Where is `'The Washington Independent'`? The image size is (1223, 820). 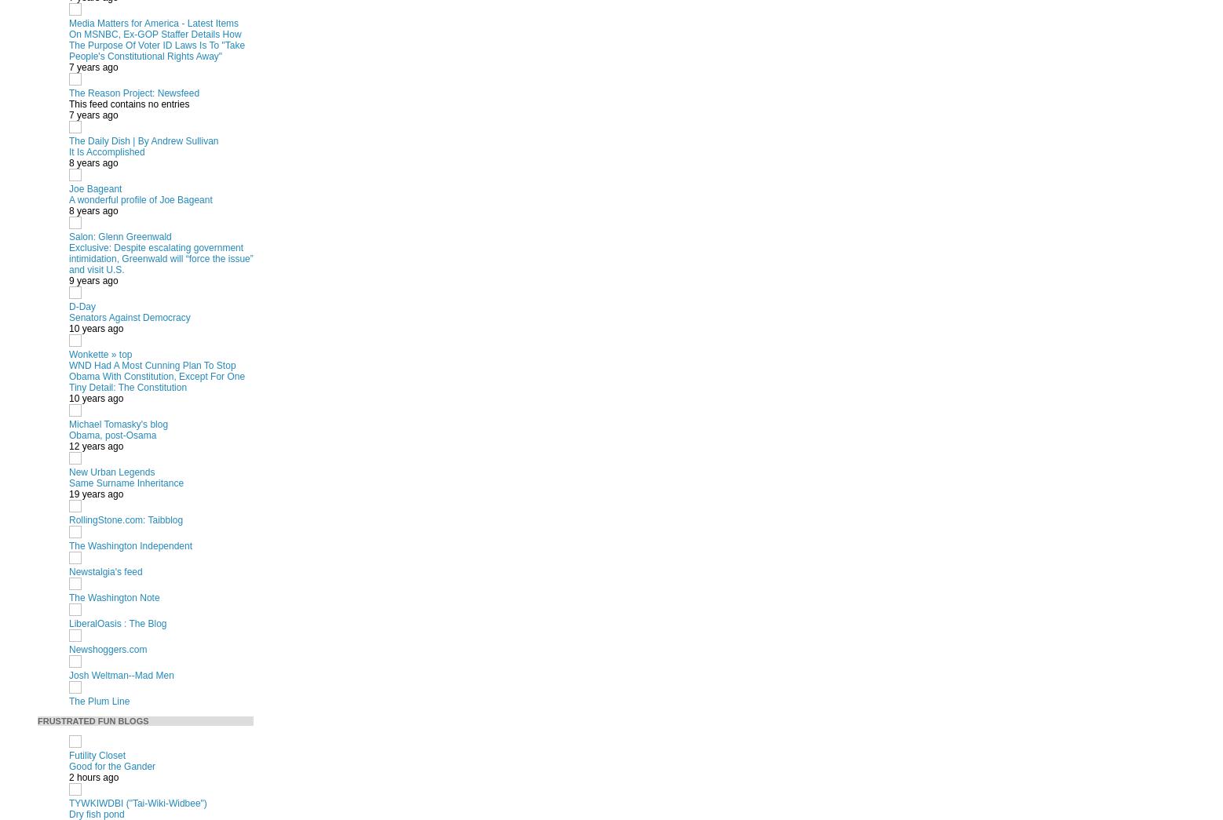 'The Washington Independent' is located at coordinates (130, 545).